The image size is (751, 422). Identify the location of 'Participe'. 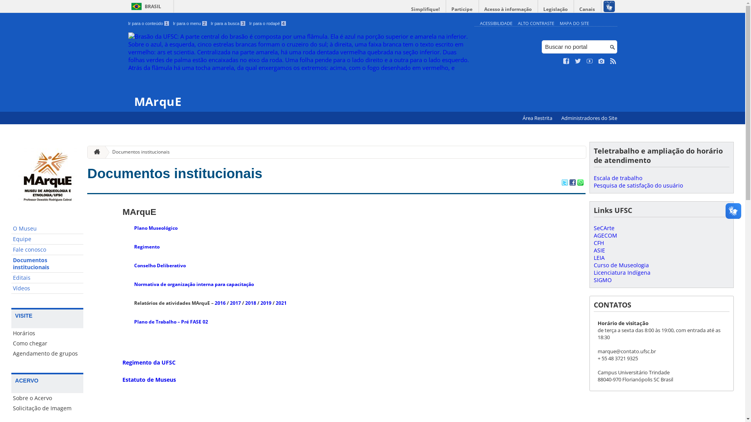
(446, 9).